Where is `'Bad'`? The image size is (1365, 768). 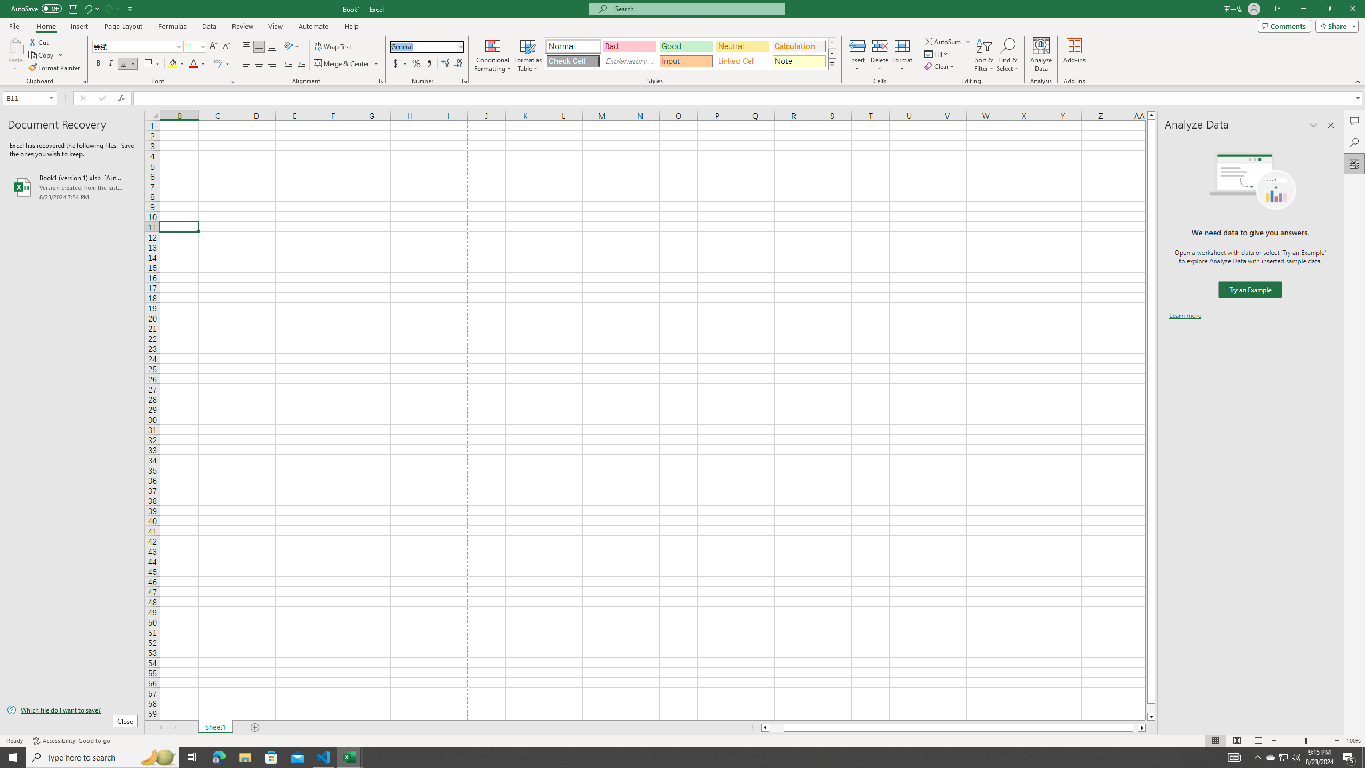
'Bad' is located at coordinates (630, 46).